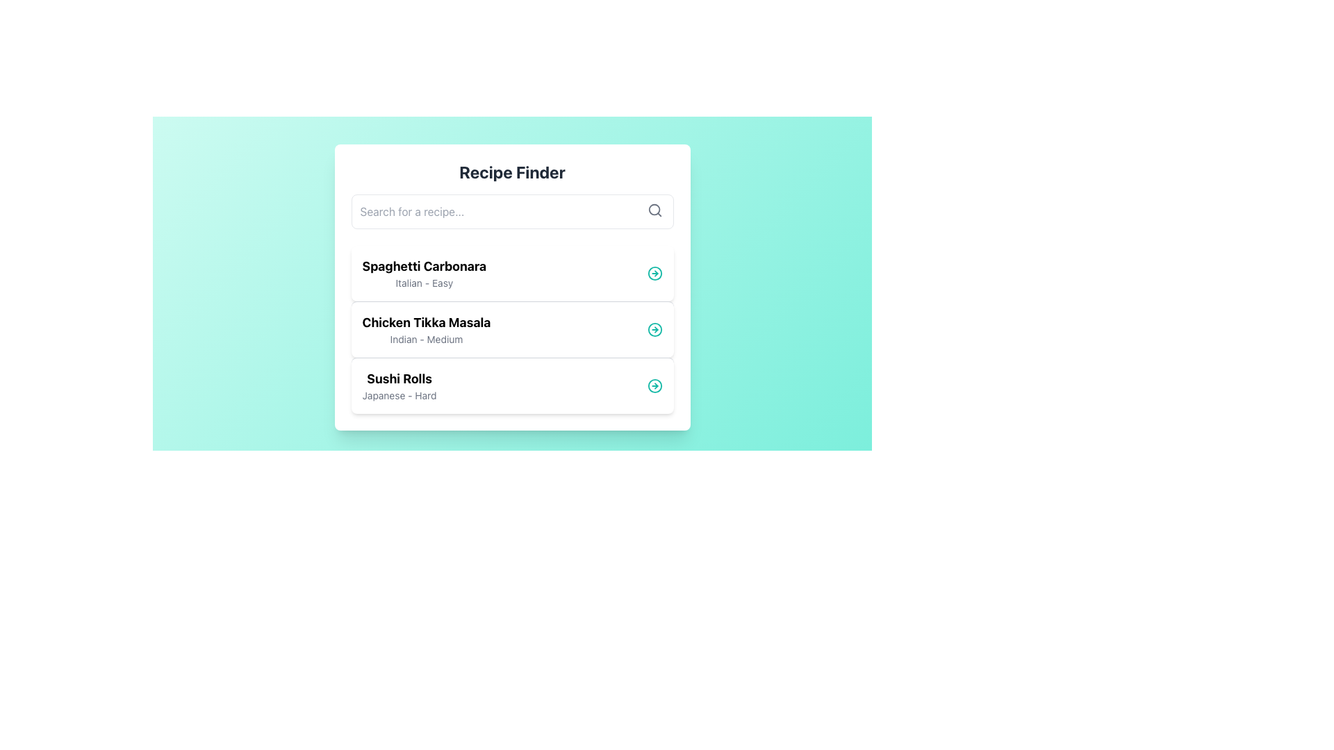  I want to click on the inner SVG Circle icon associated with the 'Chicken Tikka Masala' item, located on the right side of the second list item in the vertical list, so click(654, 329).